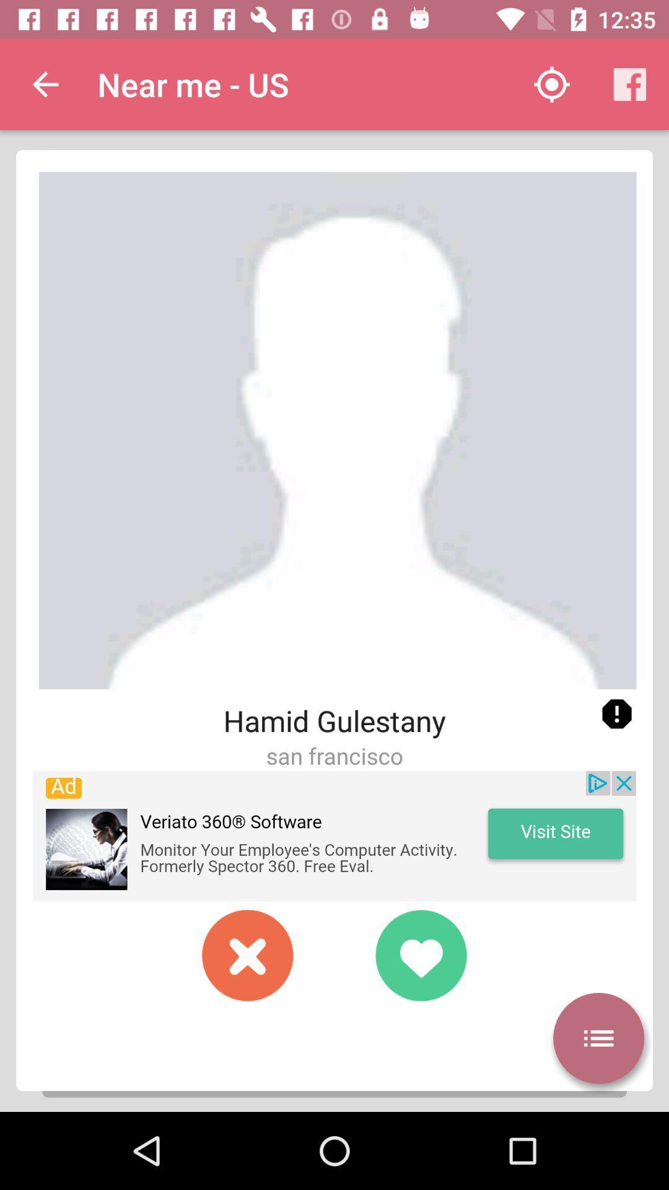  What do you see at coordinates (598, 1038) in the screenshot?
I see `autoplay option` at bounding box center [598, 1038].